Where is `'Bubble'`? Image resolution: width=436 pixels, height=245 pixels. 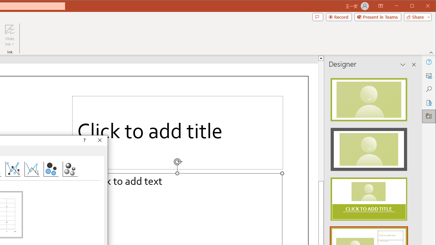 'Bubble' is located at coordinates (50, 168).